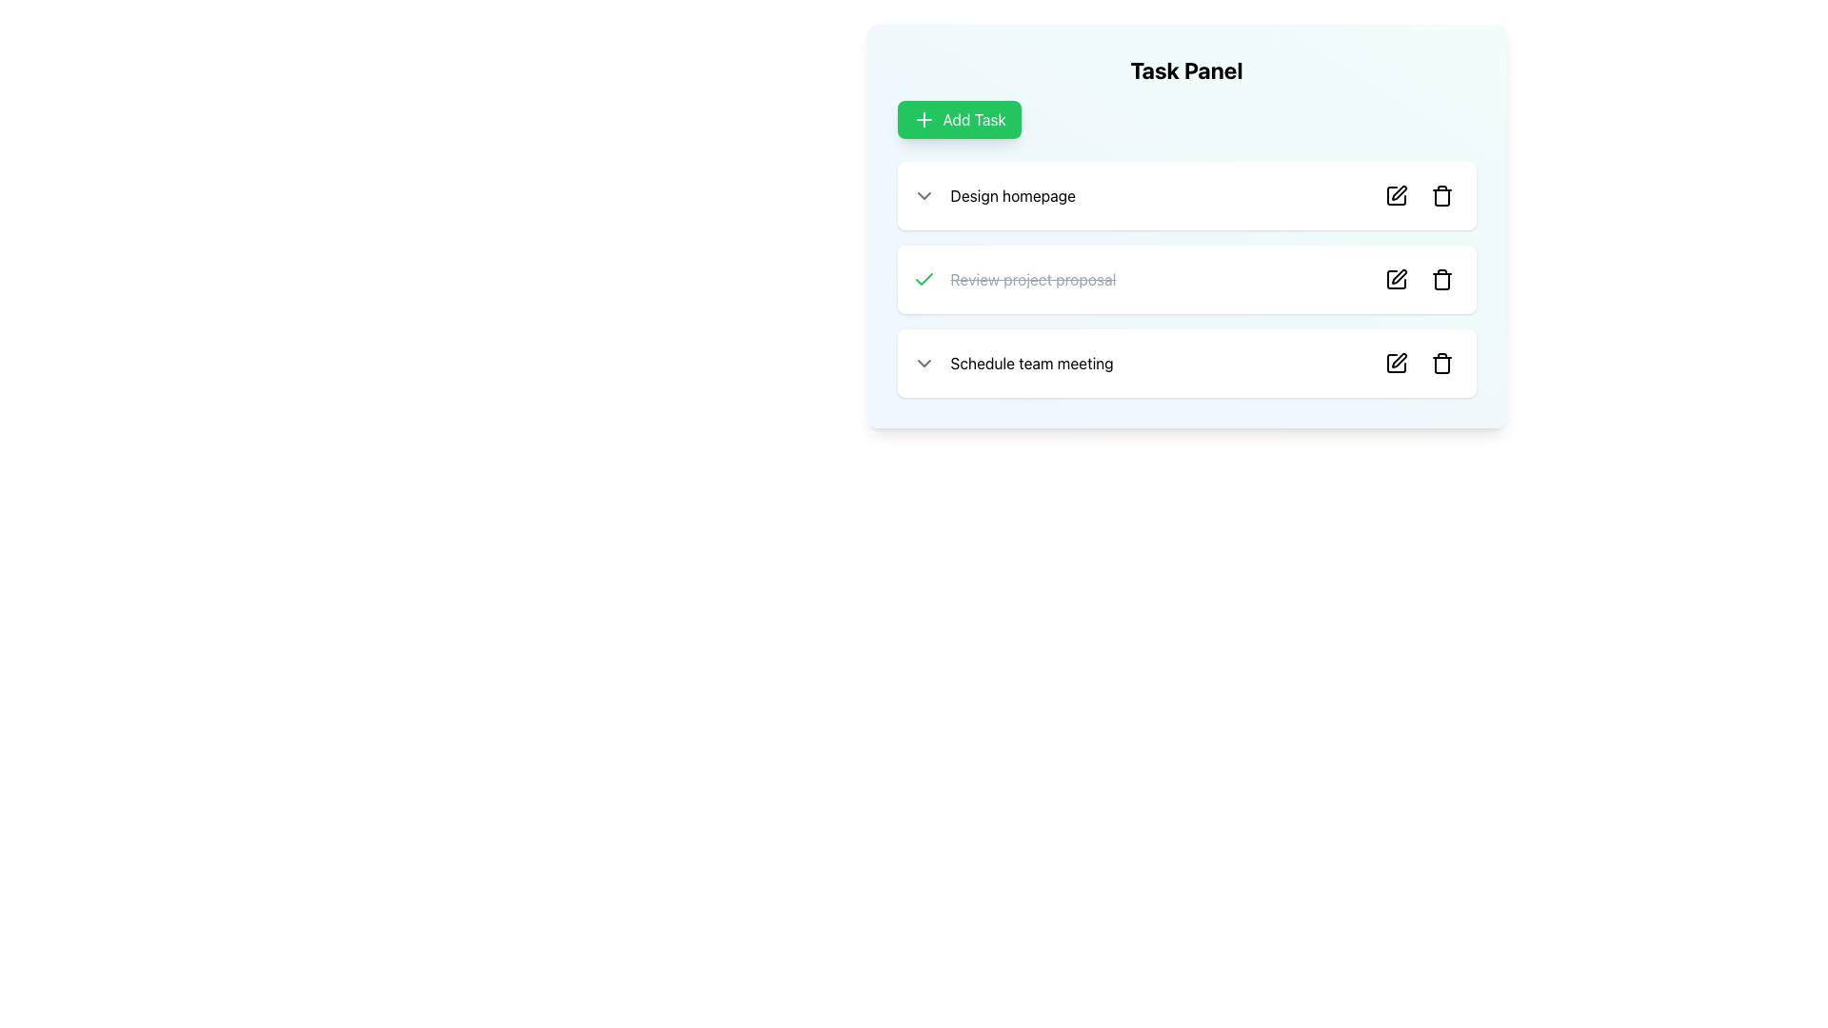  I want to click on the downward-pointing gray chevron icon located in the last task row labeled 'Schedule team meeting', so click(924, 363).